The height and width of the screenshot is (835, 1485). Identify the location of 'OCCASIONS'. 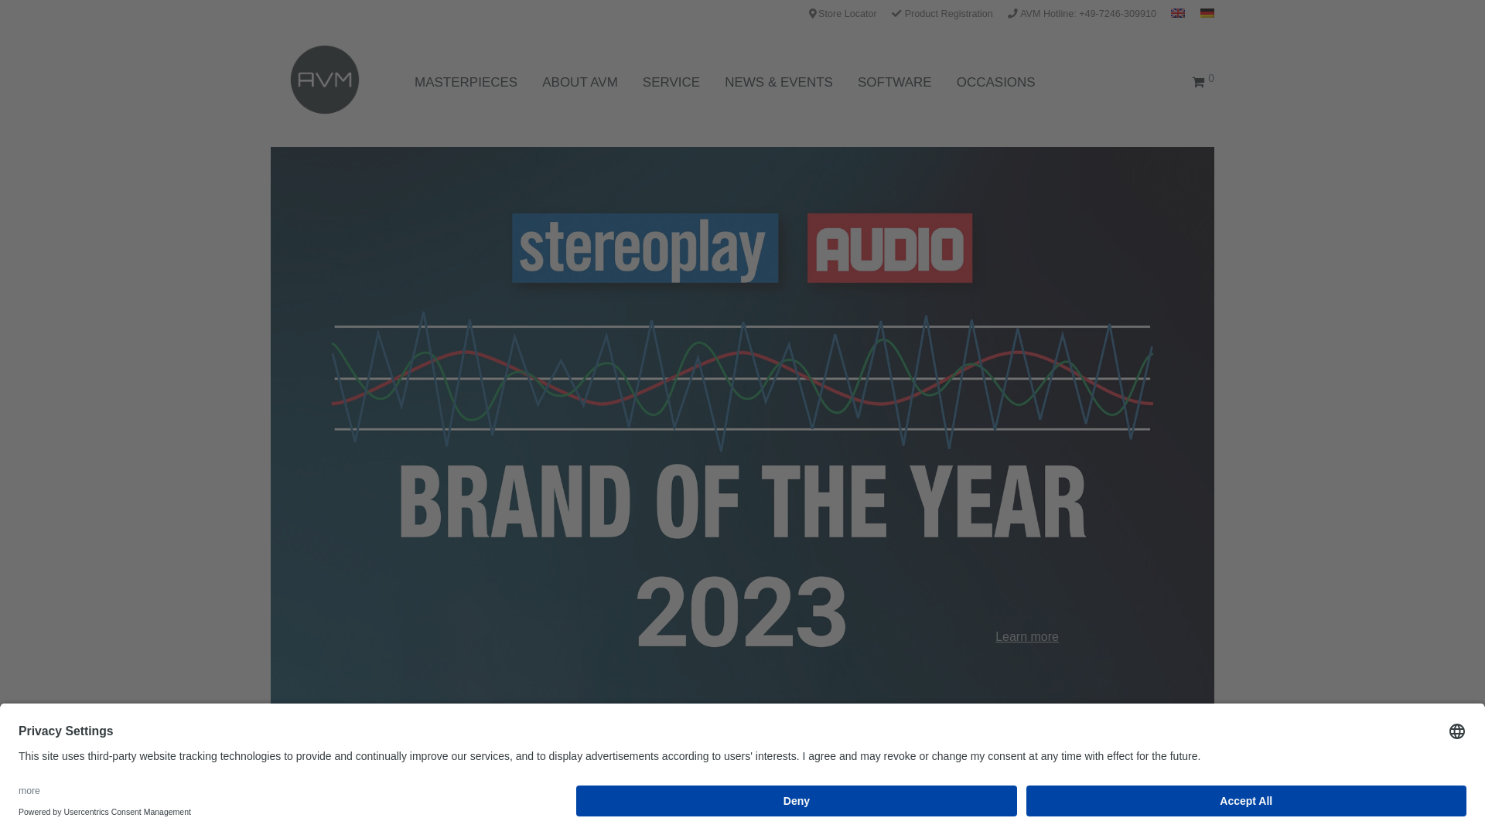
(943, 82).